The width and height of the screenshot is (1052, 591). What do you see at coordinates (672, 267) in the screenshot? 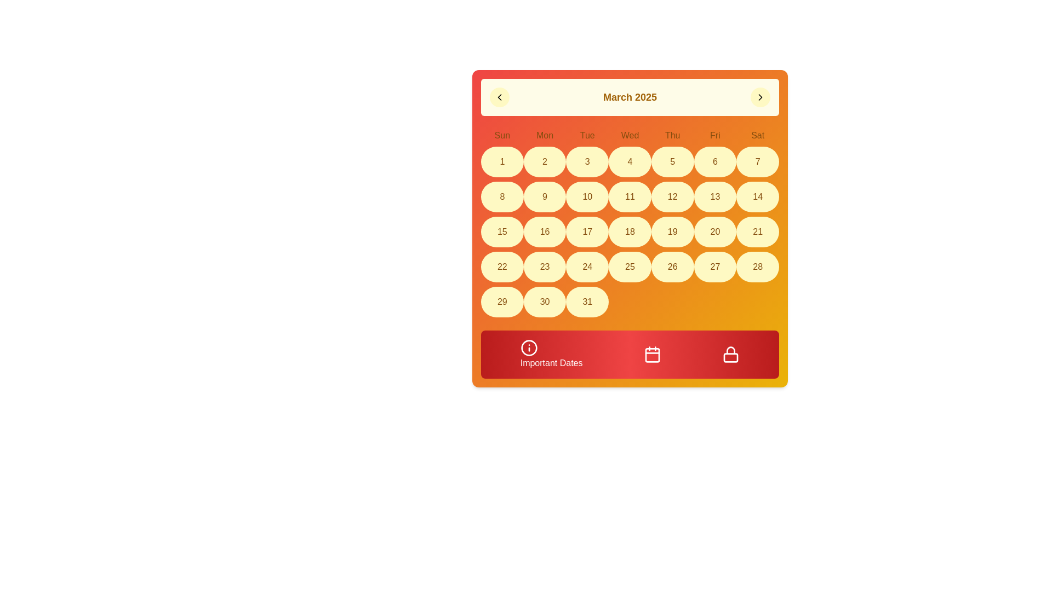
I see `the circular button with a yellow background and the number '26'` at bounding box center [672, 267].